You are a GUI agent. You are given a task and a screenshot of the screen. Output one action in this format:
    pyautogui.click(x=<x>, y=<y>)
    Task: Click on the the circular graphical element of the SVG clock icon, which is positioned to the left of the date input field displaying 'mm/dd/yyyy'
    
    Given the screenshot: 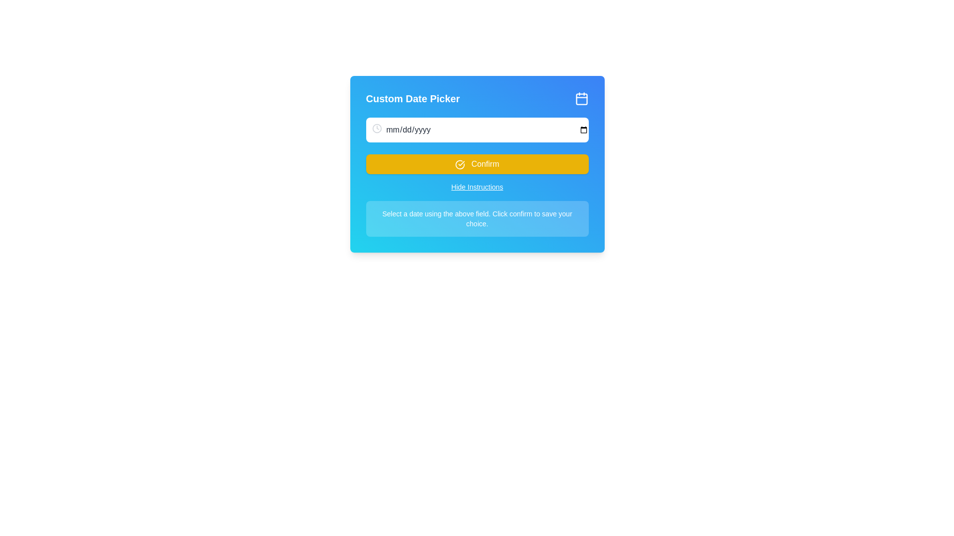 What is the action you would take?
    pyautogui.click(x=376, y=128)
    